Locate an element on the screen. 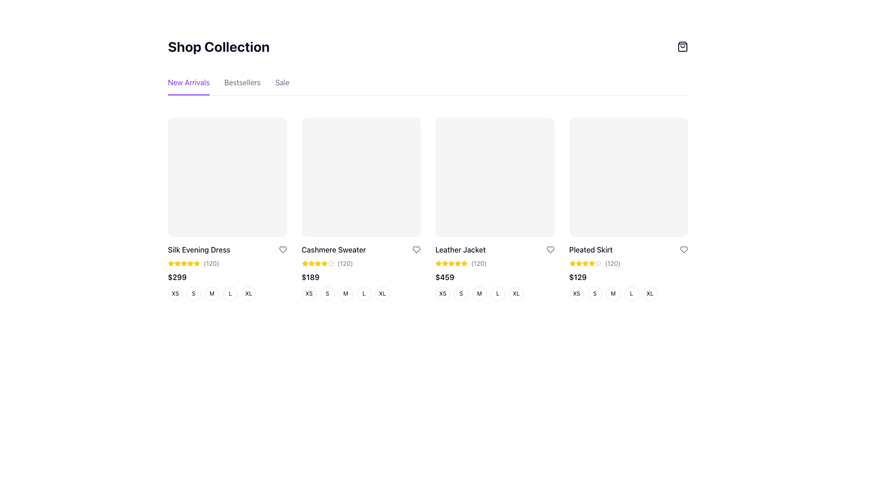 The width and height of the screenshot is (881, 495). the third yellow star icon in the rating system for the 'Pleated Skirt' item, which is filled and located below the item title and above the price is located at coordinates (572, 263).